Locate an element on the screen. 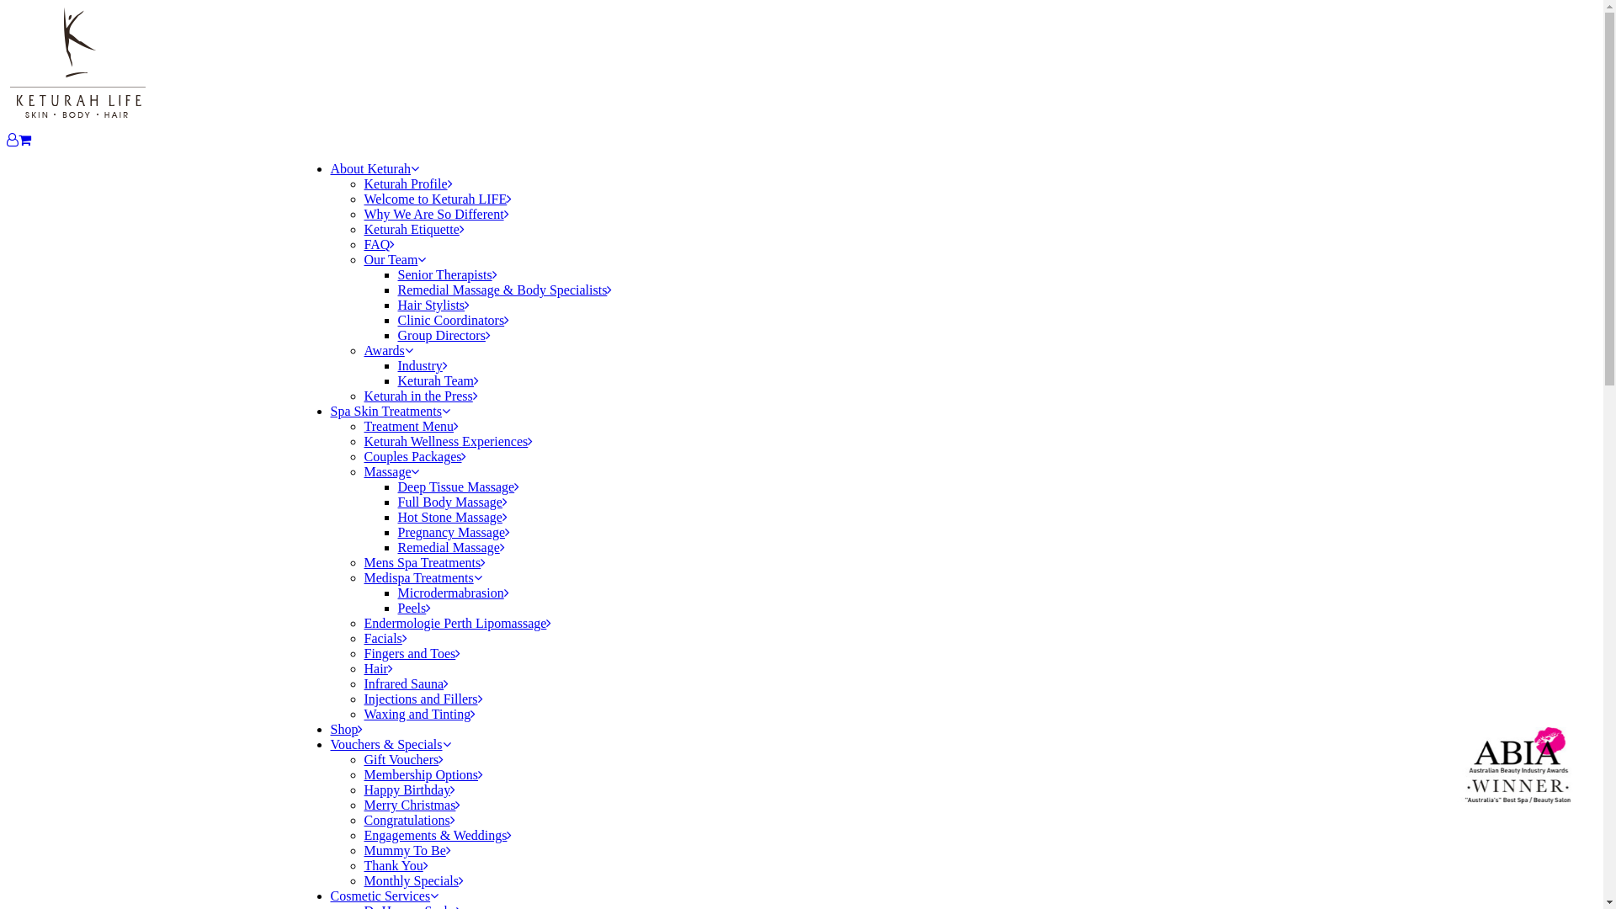 This screenshot has width=1616, height=909. 'Engagements & Weddings' is located at coordinates (437, 835).